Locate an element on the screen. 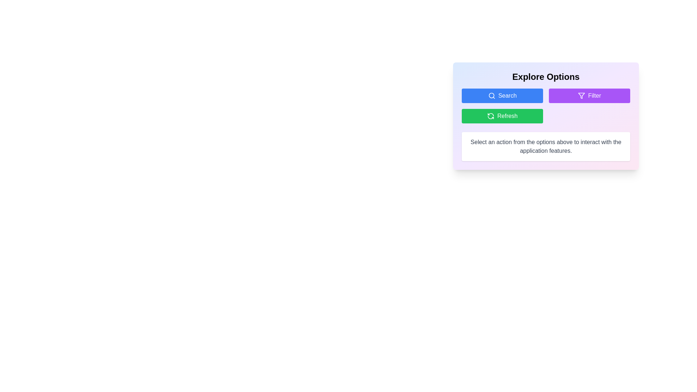 The height and width of the screenshot is (392, 697). the interactive buttons within the Grid containing action buttons titled 'Search', 'Filter', and 'Refresh' located below the 'Explore Options' header and above the description text 'Select an action' is located at coordinates (546, 106).